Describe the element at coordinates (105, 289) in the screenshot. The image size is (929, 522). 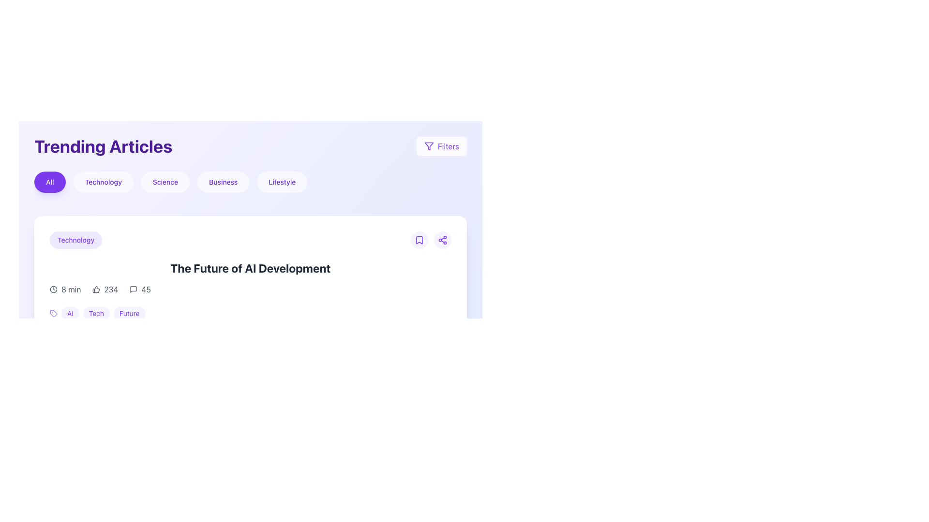
I see `the Text displaying the number of likes or upvotes (thumbs-up icon) located between the time indicator and the comment icon` at that location.